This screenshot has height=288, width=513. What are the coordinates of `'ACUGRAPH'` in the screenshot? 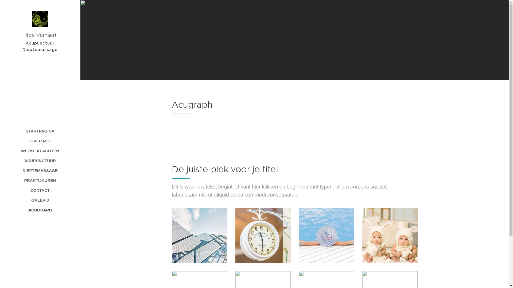 It's located at (40, 210).